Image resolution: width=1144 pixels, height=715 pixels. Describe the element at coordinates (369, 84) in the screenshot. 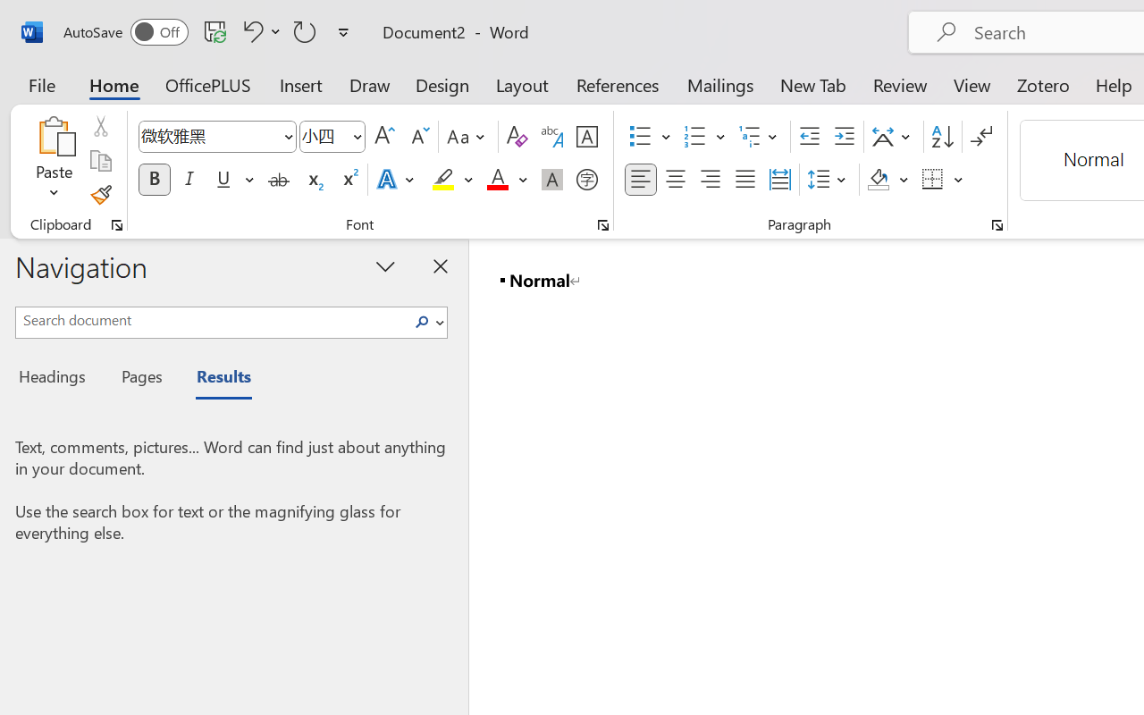

I see `'Draw'` at that location.